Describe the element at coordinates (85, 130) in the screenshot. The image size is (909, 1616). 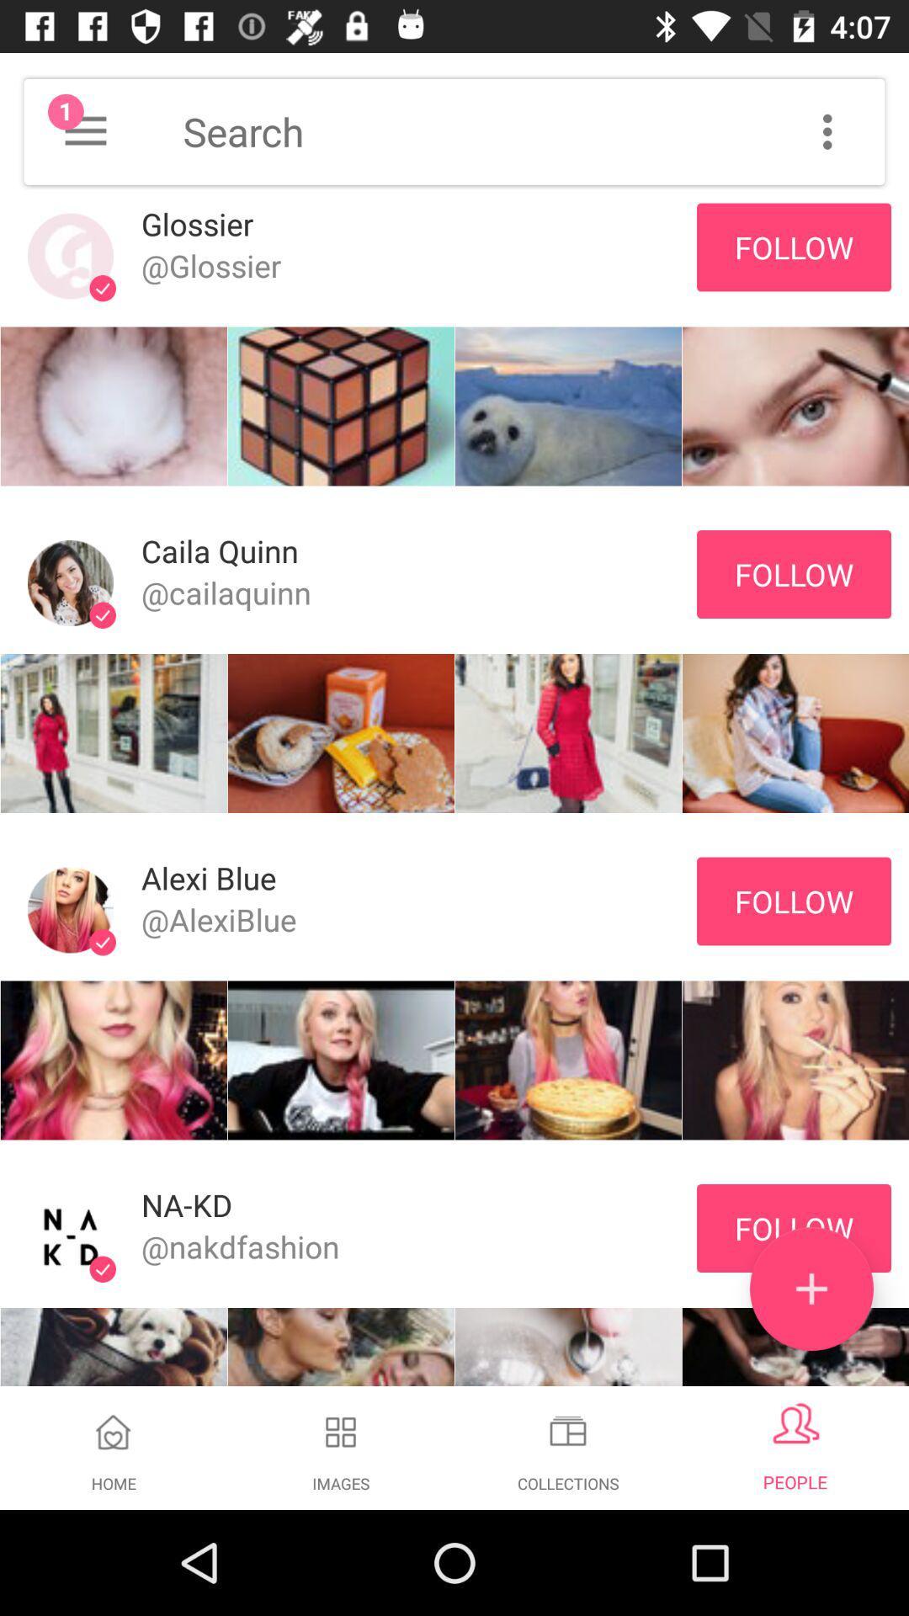
I see `notifications` at that location.